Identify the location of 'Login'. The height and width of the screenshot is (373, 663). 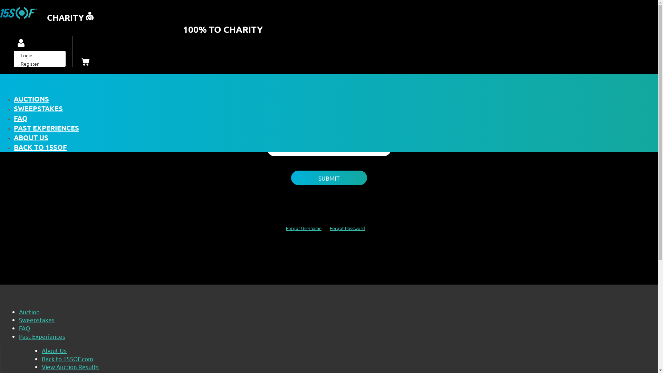
(26, 55).